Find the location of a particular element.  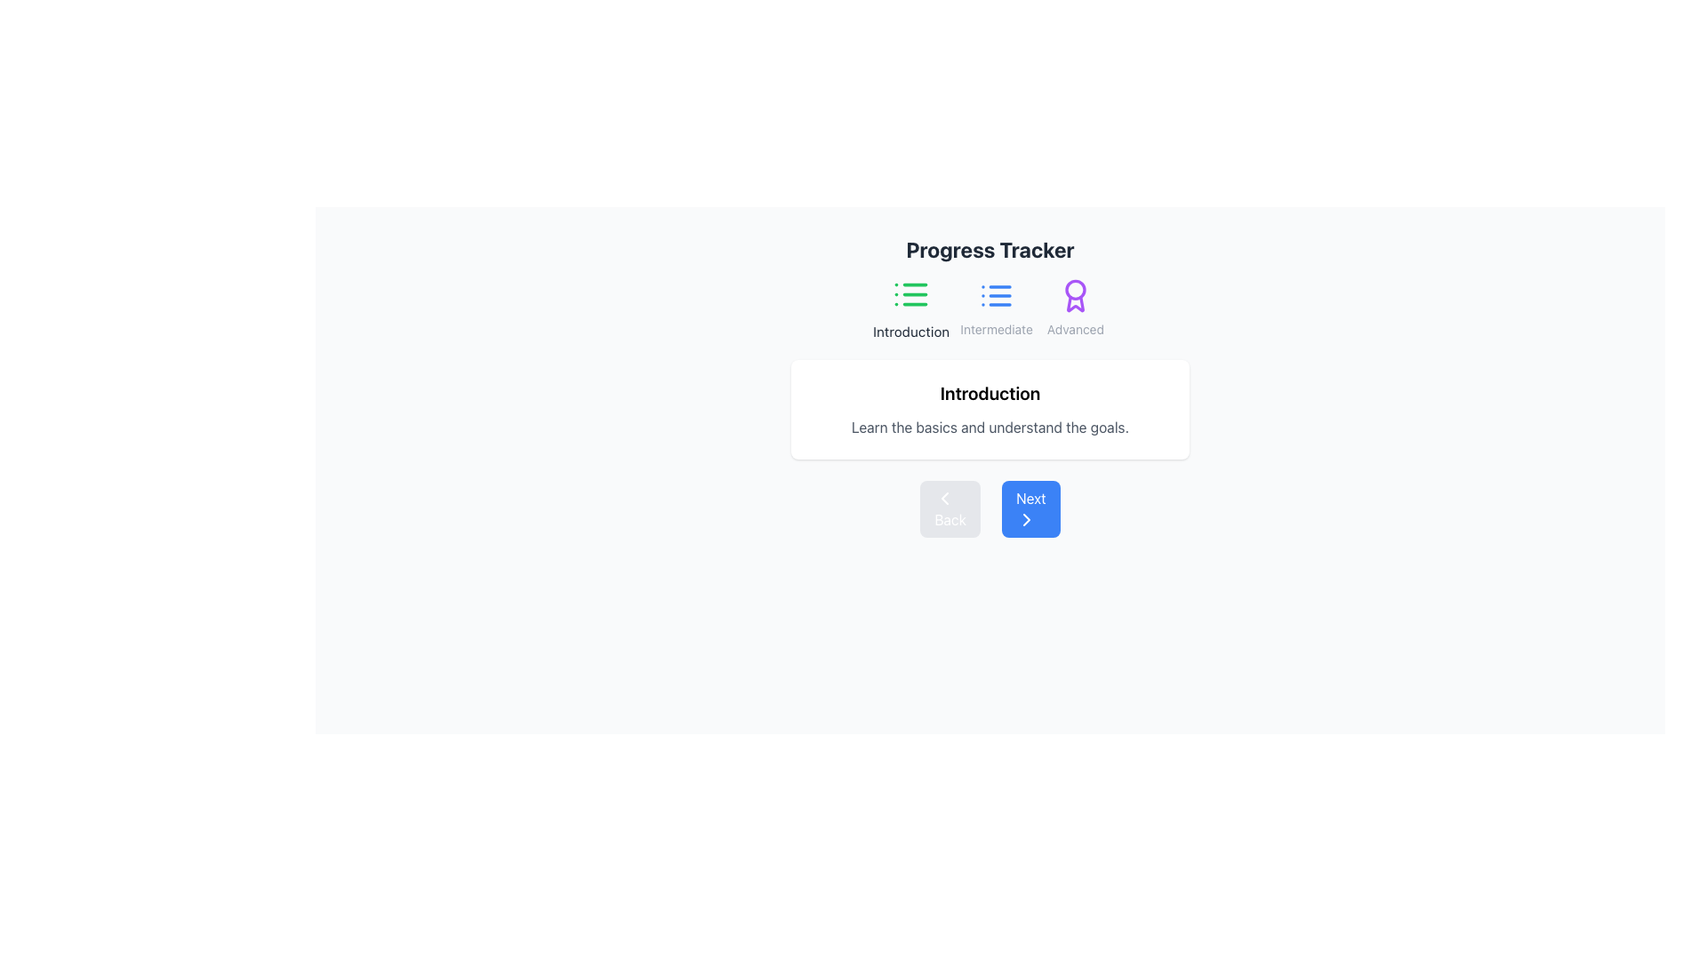

the blue icon styled with a list pattern featuring three horizontal lines and small circles aligned to their left, located under the 'Progress Tracker' heading and associated with the text 'Intermediate' is located at coordinates (997, 294).